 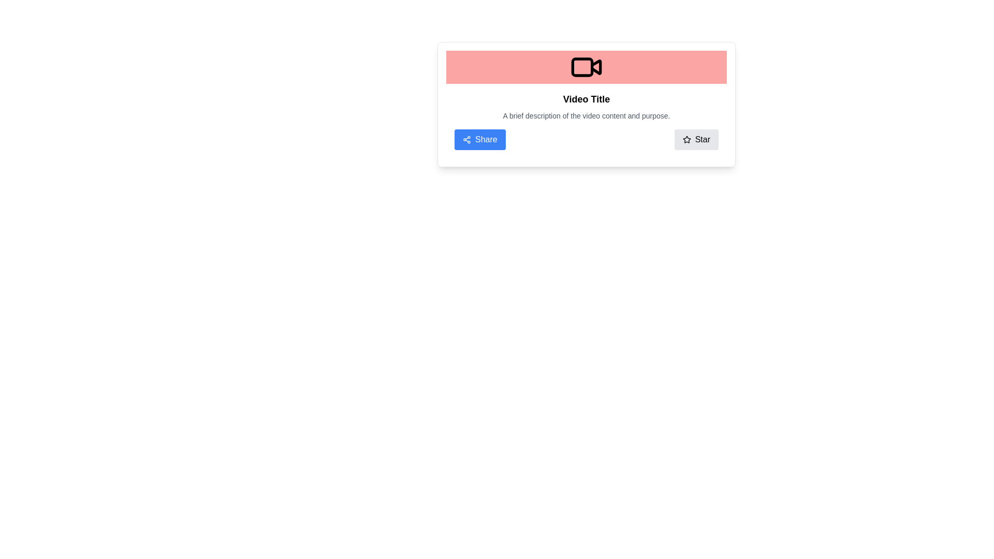 What do you see at coordinates (586, 99) in the screenshot?
I see `the bold text label displaying 'Video Title', which is centrally aligned above the description text and below a visual icon` at bounding box center [586, 99].